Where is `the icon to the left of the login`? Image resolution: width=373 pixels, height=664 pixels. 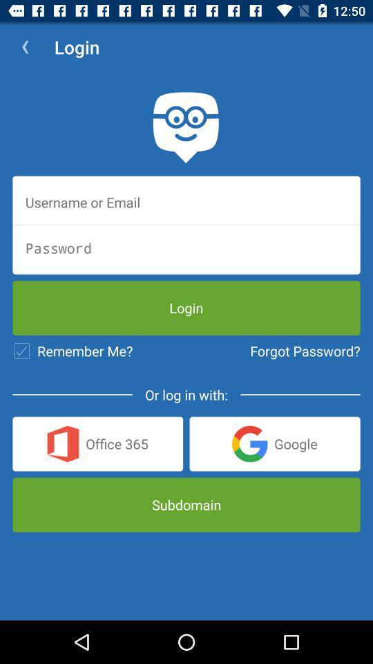
the icon to the left of the login is located at coordinates (25, 47).